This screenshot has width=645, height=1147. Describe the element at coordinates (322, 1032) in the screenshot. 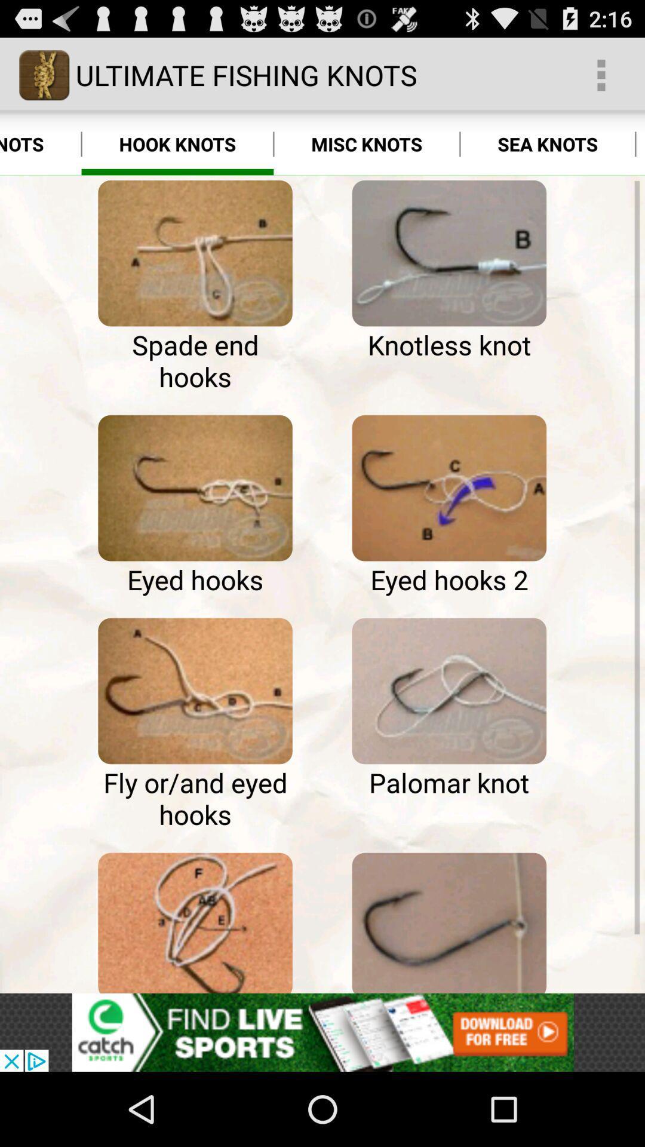

I see `advertisement page` at that location.